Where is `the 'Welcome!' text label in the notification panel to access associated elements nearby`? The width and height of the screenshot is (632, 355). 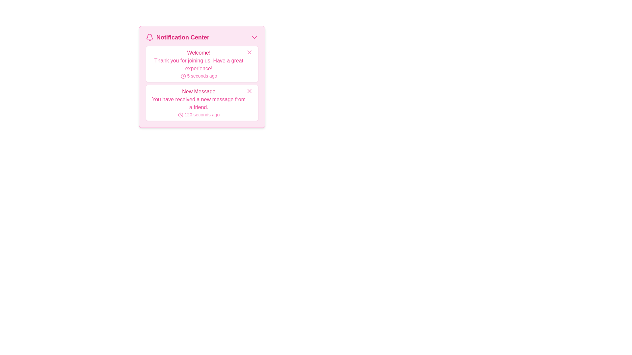 the 'Welcome!' text label in the notification panel to access associated elements nearby is located at coordinates (198, 53).